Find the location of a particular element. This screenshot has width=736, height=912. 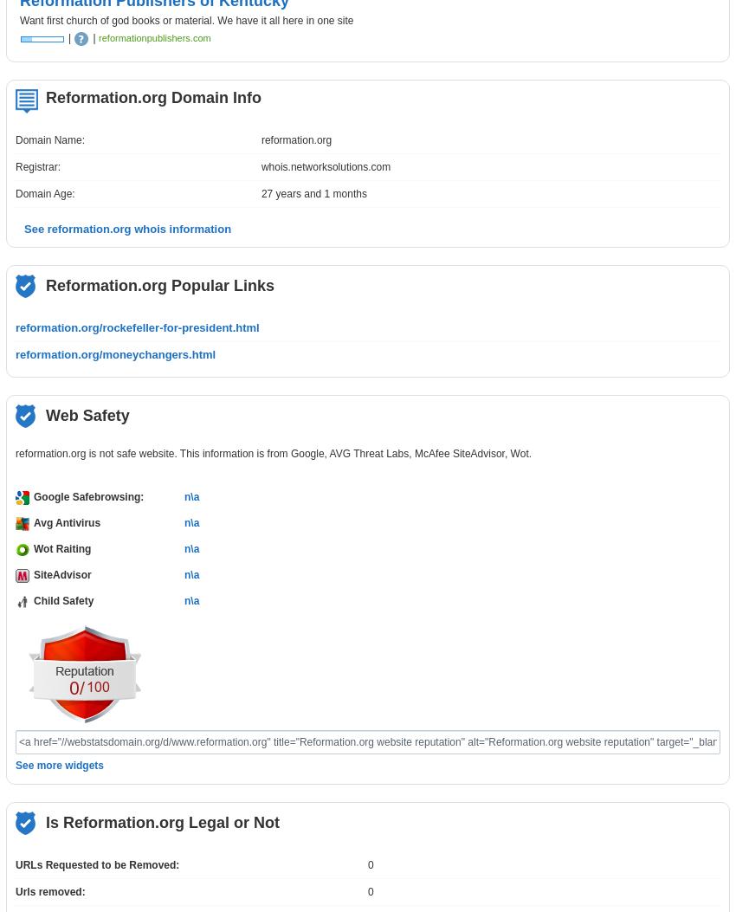

'Child Safety' is located at coordinates (63, 601).